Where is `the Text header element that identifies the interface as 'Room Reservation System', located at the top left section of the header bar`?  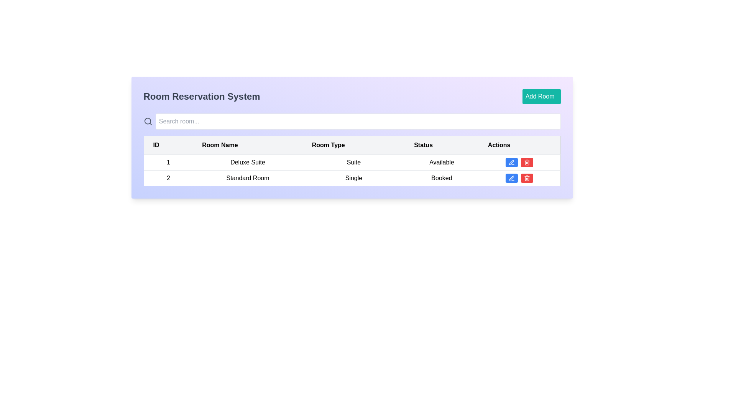
the Text header element that identifies the interface as 'Room Reservation System', located at the top left section of the header bar is located at coordinates (202, 96).